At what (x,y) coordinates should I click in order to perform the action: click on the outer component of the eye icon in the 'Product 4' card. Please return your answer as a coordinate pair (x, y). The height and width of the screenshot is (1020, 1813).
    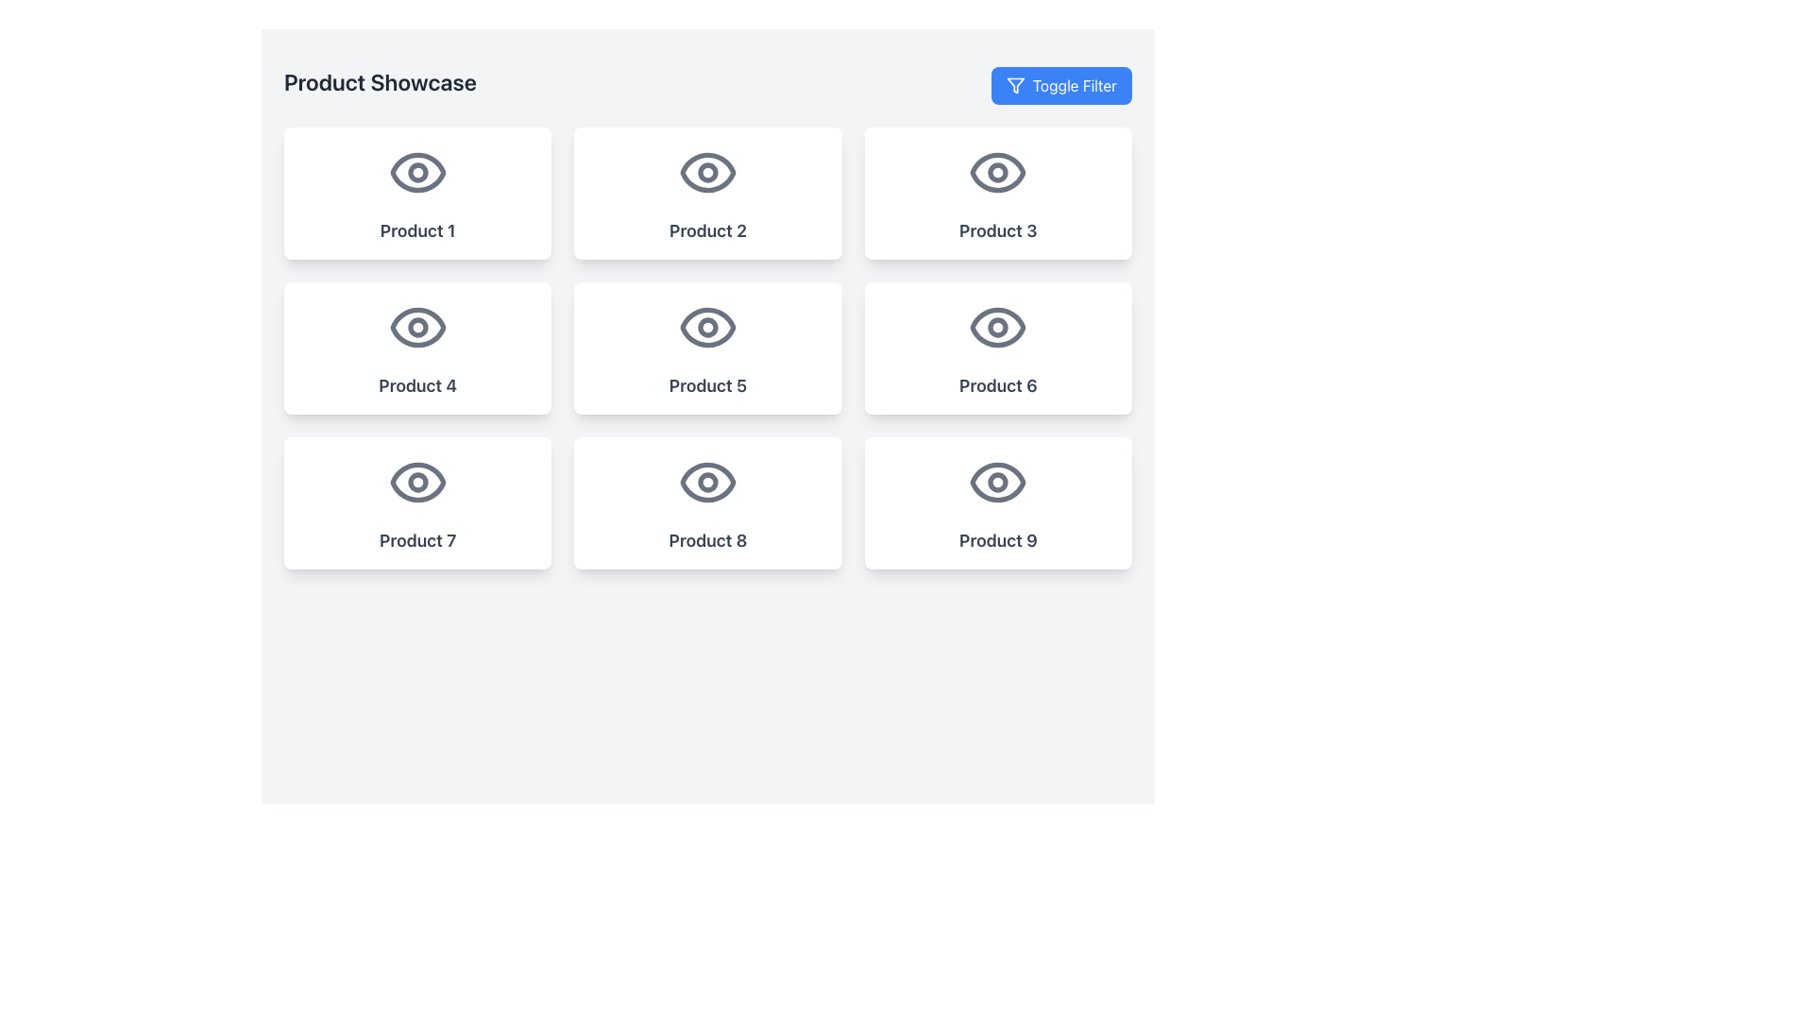
    Looking at the image, I should click on (416, 327).